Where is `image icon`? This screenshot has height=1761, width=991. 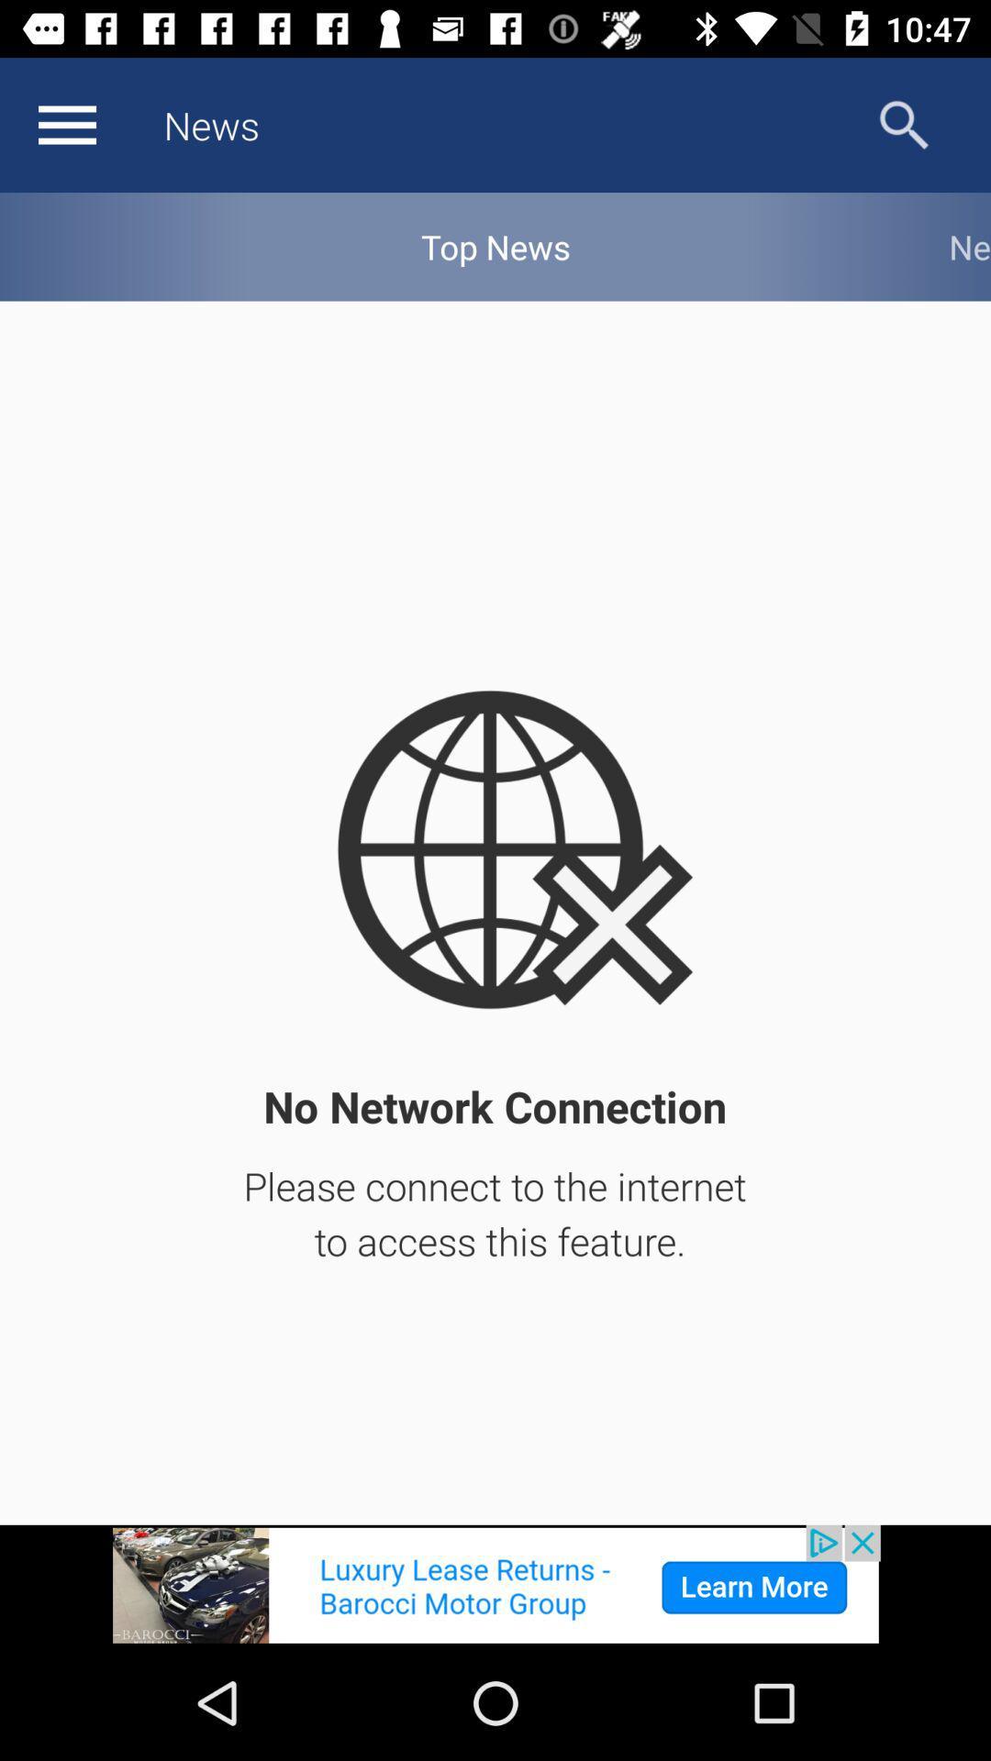
image icon is located at coordinates (495, 1584).